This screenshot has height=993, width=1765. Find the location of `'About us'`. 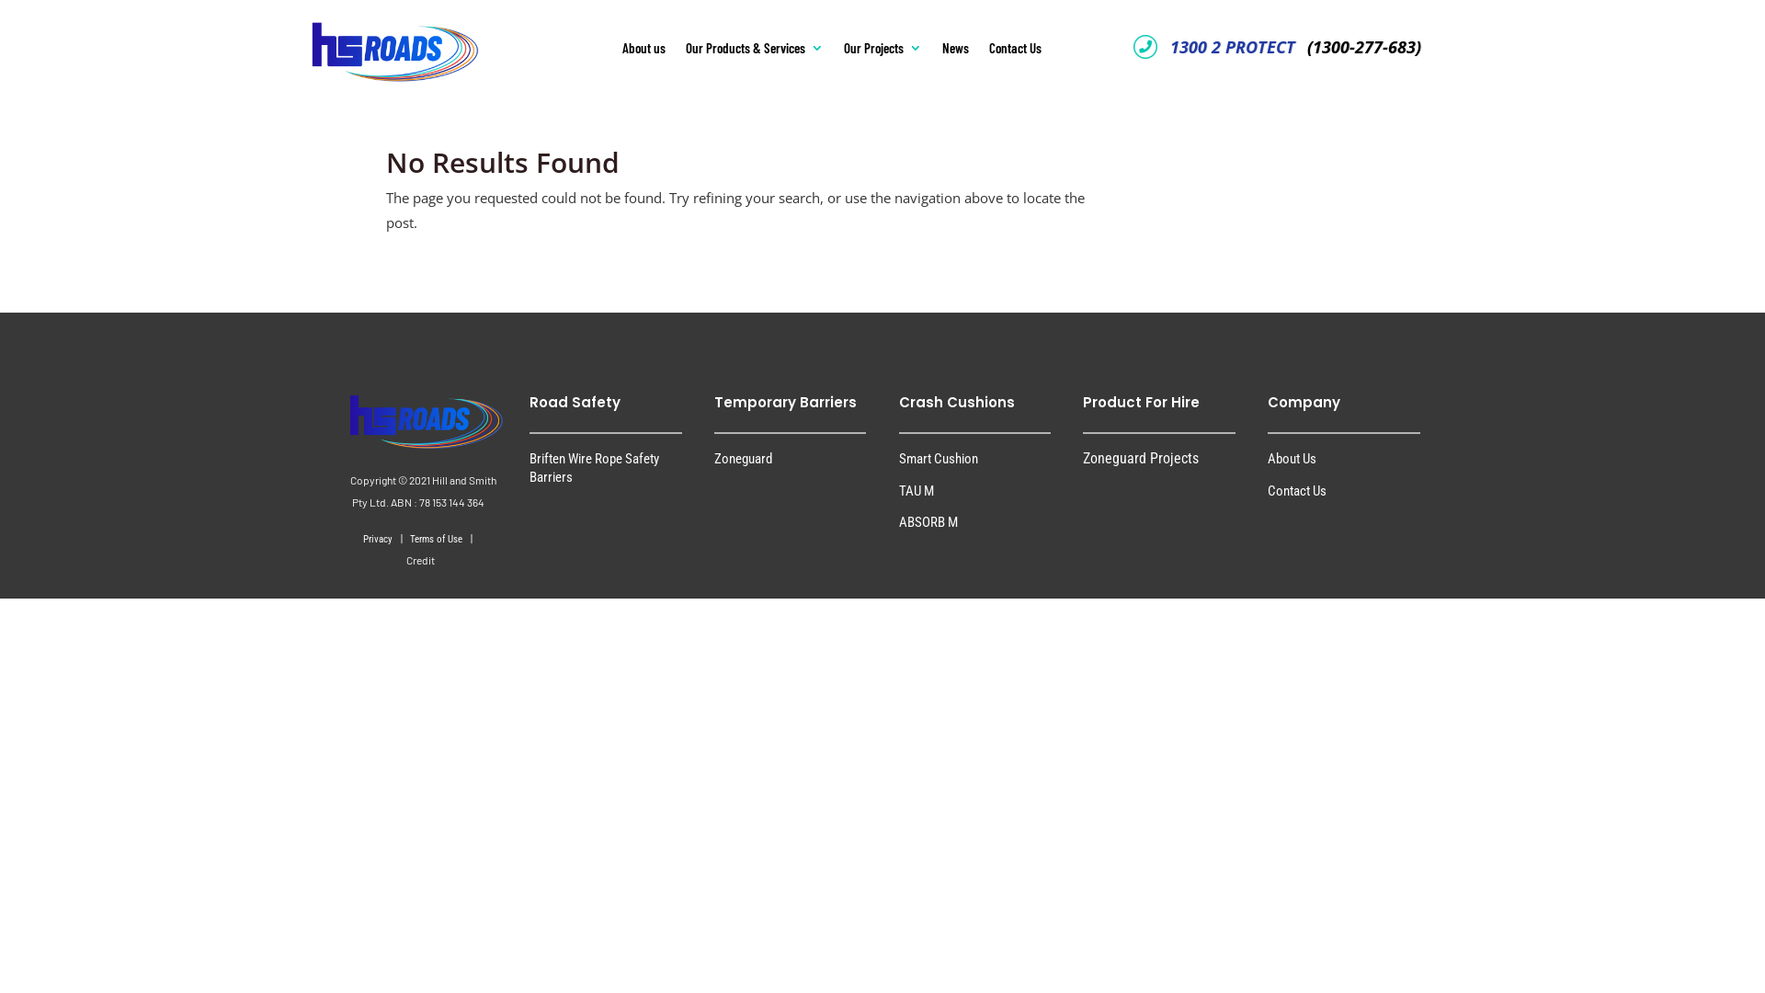

'About us' is located at coordinates (643, 51).